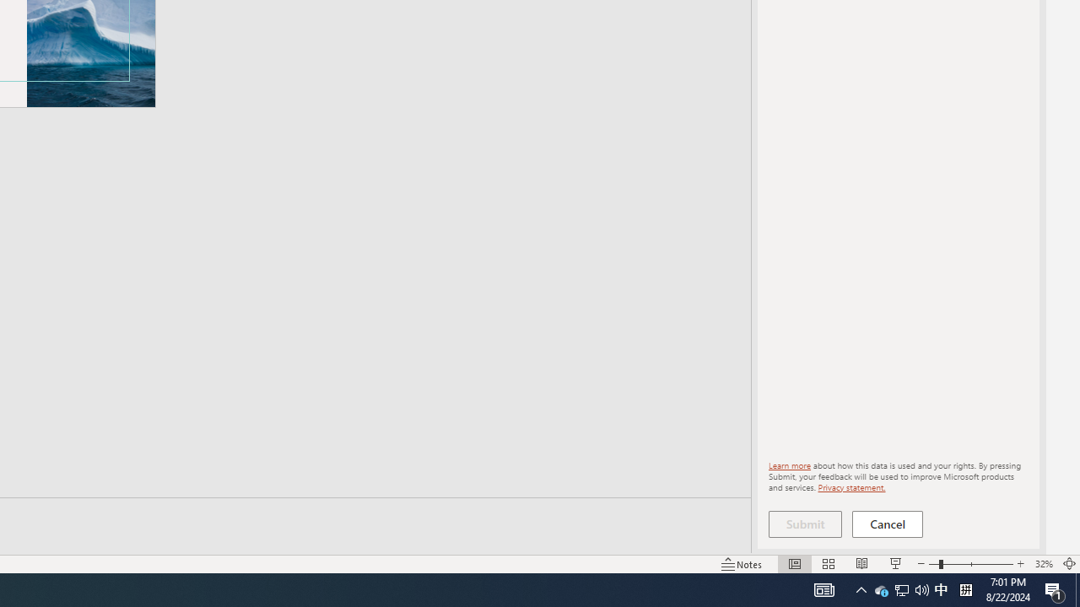 Image resolution: width=1080 pixels, height=607 pixels. Describe the element at coordinates (862, 564) in the screenshot. I see `'Reading View'` at that location.